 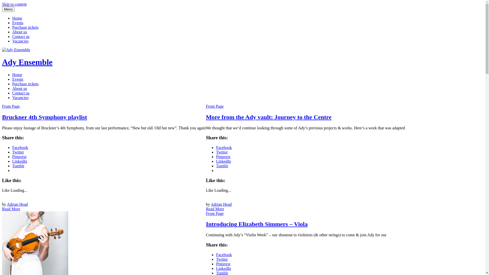 I want to click on 'Bruckner 4th Symphony playlist', so click(x=44, y=117).